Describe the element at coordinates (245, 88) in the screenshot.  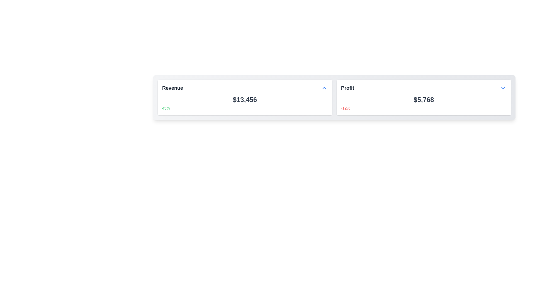
I see `to select the text of the Heading with an interactive icon that signifies the title or category of the revenue data displayed below` at that location.